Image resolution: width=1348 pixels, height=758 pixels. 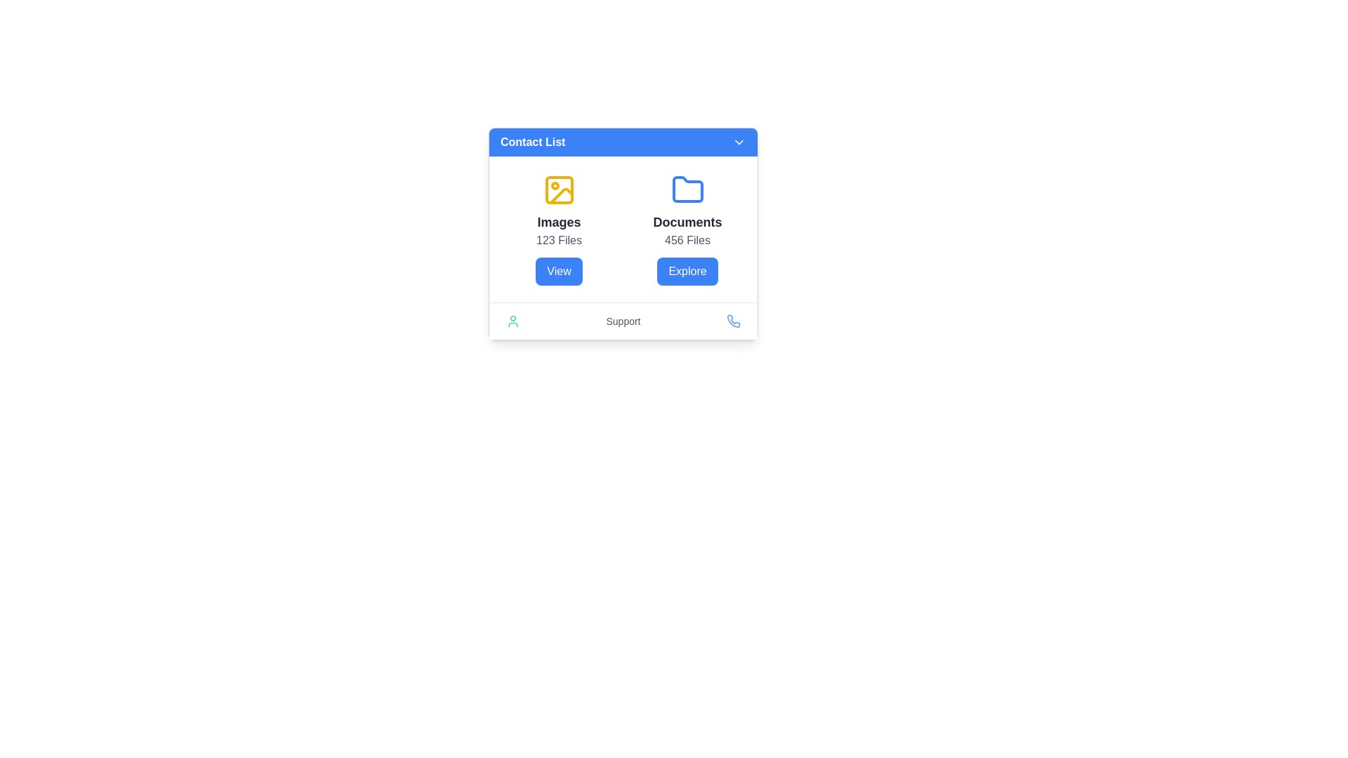 I want to click on the 'Images' icon, which is the first icon in the top row of the card labeled 'Images', located above the text '123 Files' and a 'View' button, so click(x=558, y=189).